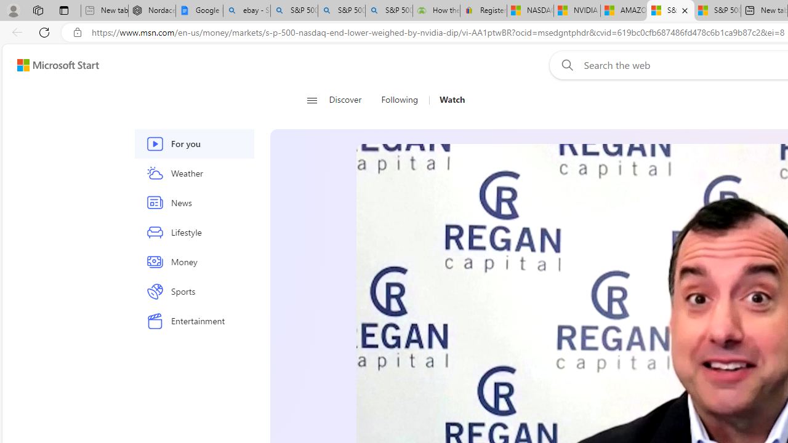 This screenshot has width=788, height=443. What do you see at coordinates (312, 100) in the screenshot?
I see `'Class: button-glyph'` at bounding box center [312, 100].